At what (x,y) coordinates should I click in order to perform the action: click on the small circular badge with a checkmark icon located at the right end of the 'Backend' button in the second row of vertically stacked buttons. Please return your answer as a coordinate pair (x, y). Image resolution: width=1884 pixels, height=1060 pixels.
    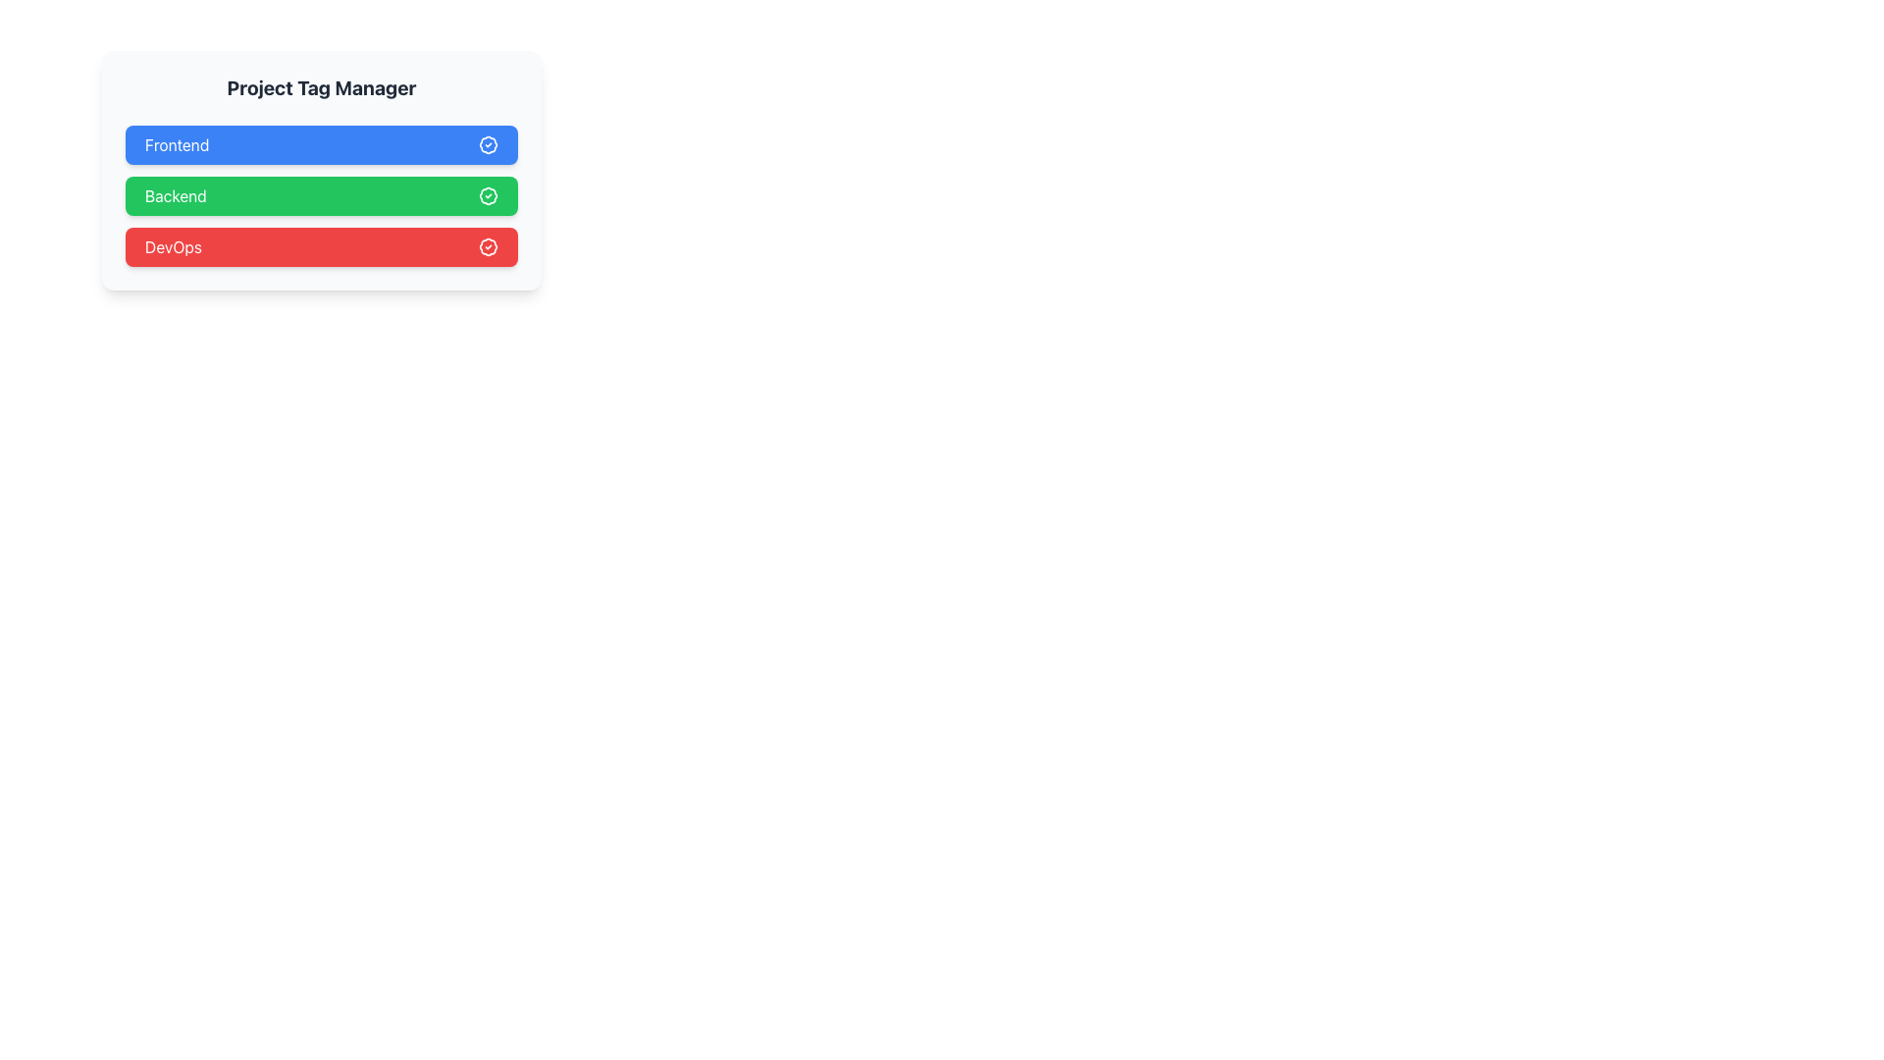
    Looking at the image, I should click on (489, 196).